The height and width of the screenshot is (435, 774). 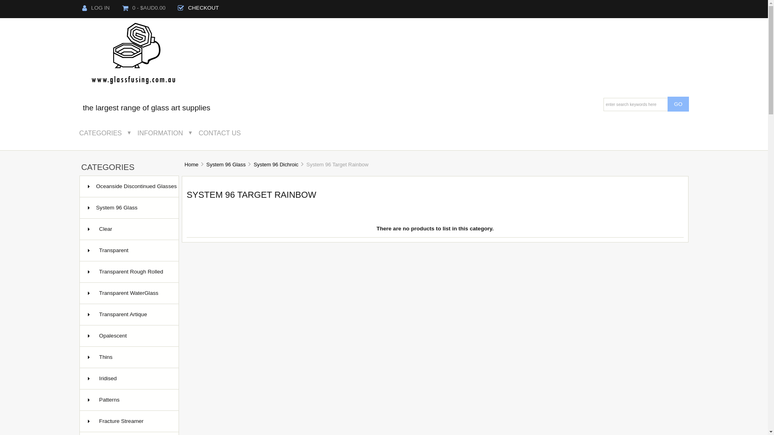 I want to click on 'Checkout', so click(x=180, y=8).